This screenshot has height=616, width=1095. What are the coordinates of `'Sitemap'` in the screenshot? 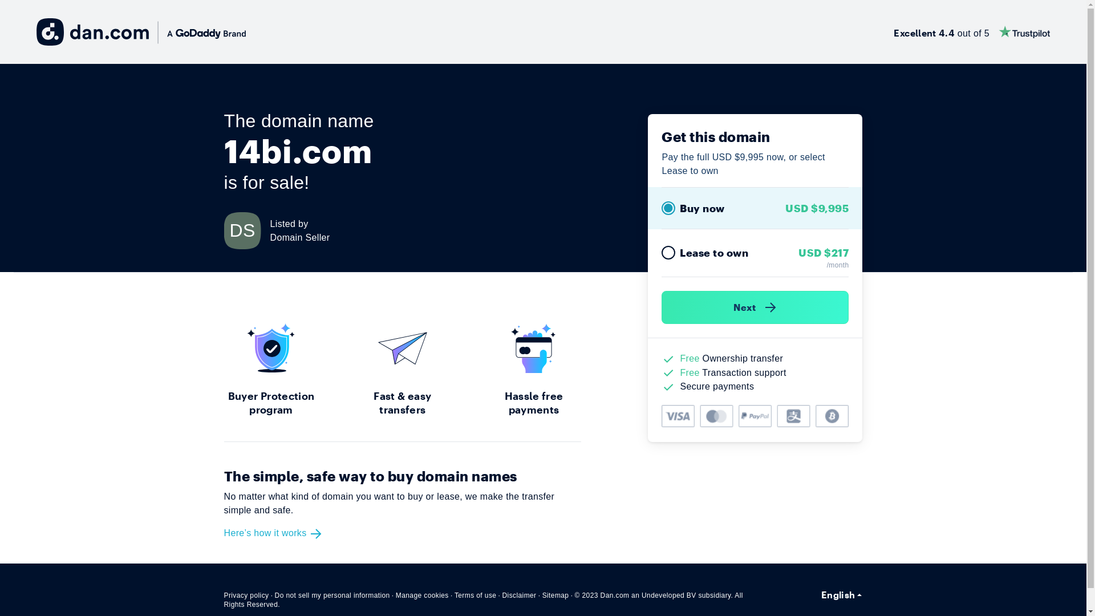 It's located at (555, 595).